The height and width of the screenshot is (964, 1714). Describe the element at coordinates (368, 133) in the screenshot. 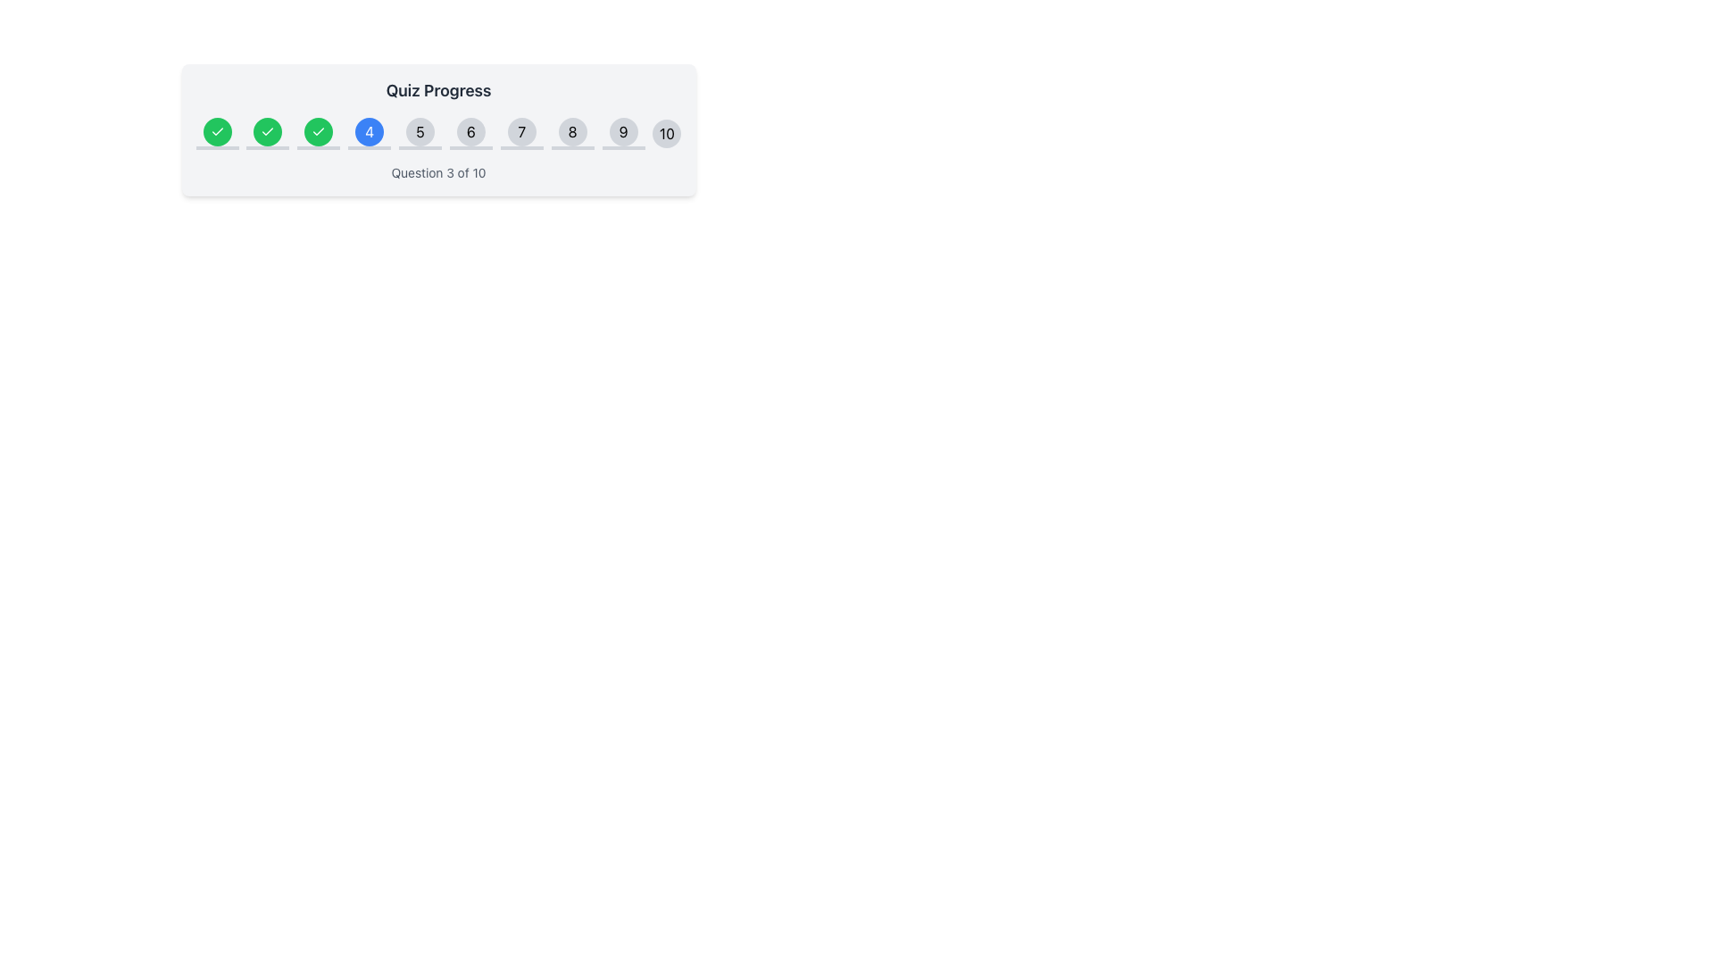

I see `the circular blue Indicator button with the white number '4' to interact within the 'Quiz Progress' section` at that location.